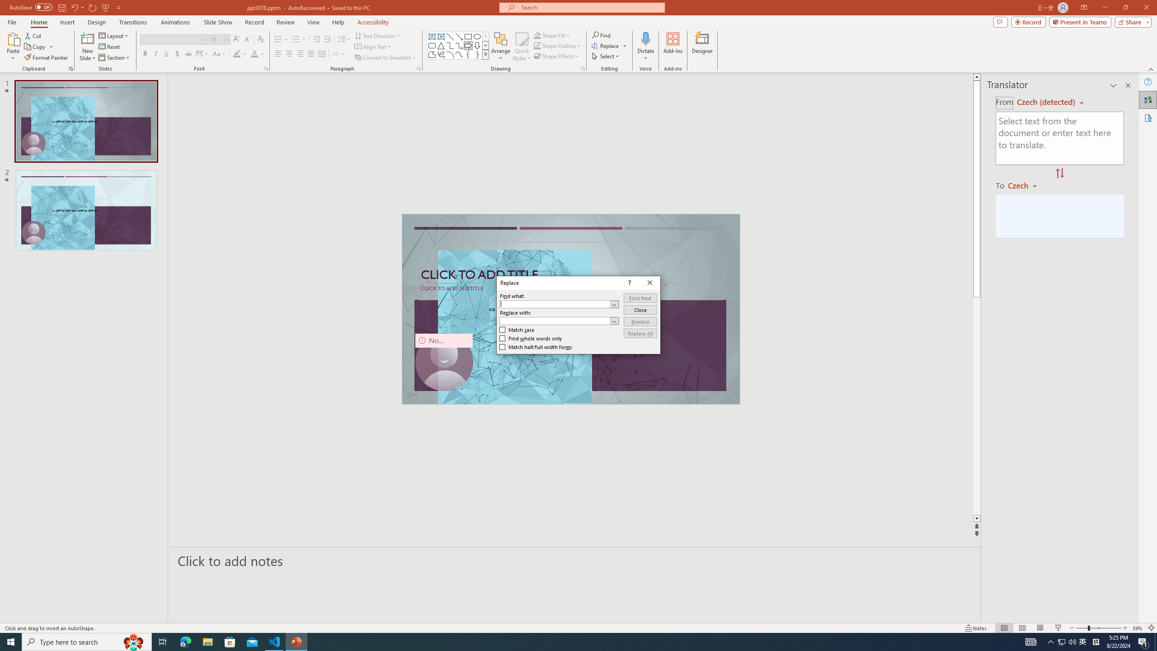  What do you see at coordinates (145, 53) in the screenshot?
I see `'Bold'` at bounding box center [145, 53].